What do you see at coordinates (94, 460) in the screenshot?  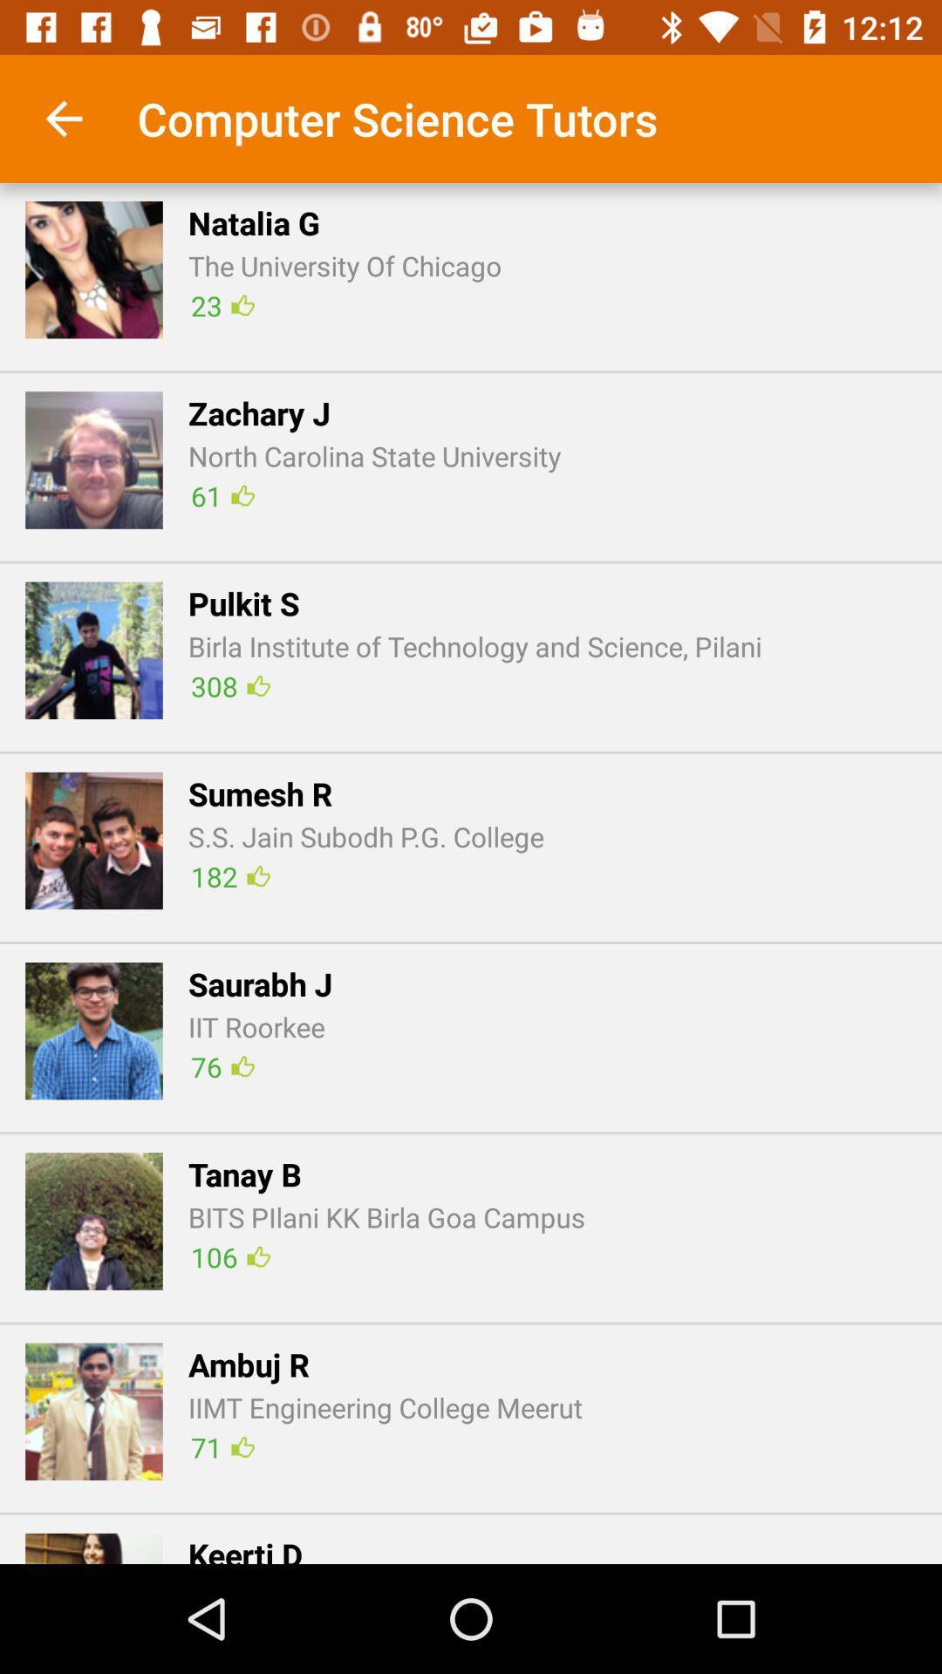 I see `icon next to the zachary j` at bounding box center [94, 460].